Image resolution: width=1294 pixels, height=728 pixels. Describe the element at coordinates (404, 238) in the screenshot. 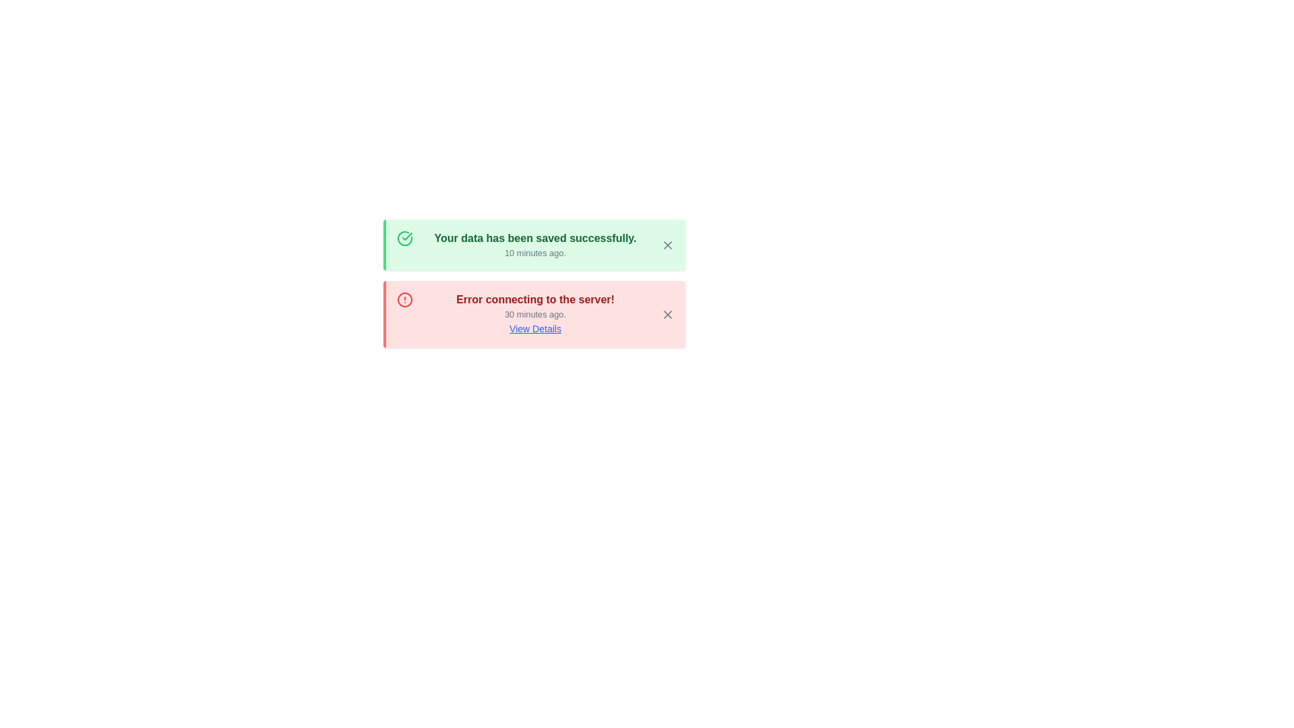

I see `the success indicator icon located within the green notification at the top, which is positioned before the text 'Your data has been saved successfully.'` at that location.